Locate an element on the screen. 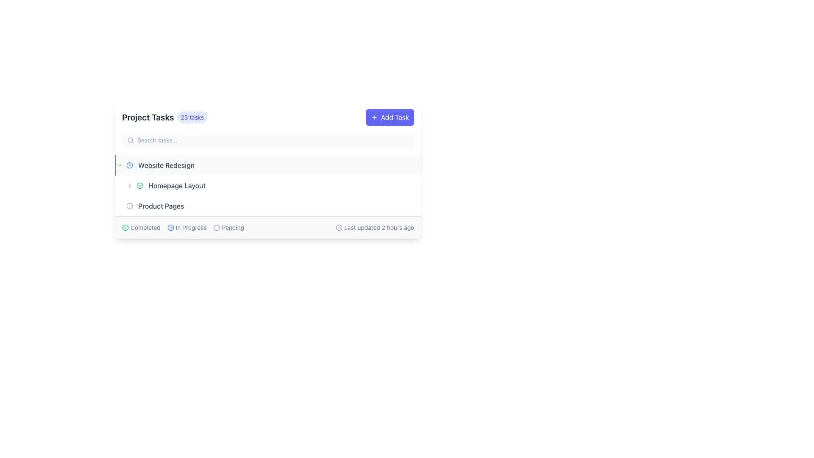  the 'Pending' status indicator, which is the rightmost element among three status indicators in the task management section is located at coordinates (229, 227).